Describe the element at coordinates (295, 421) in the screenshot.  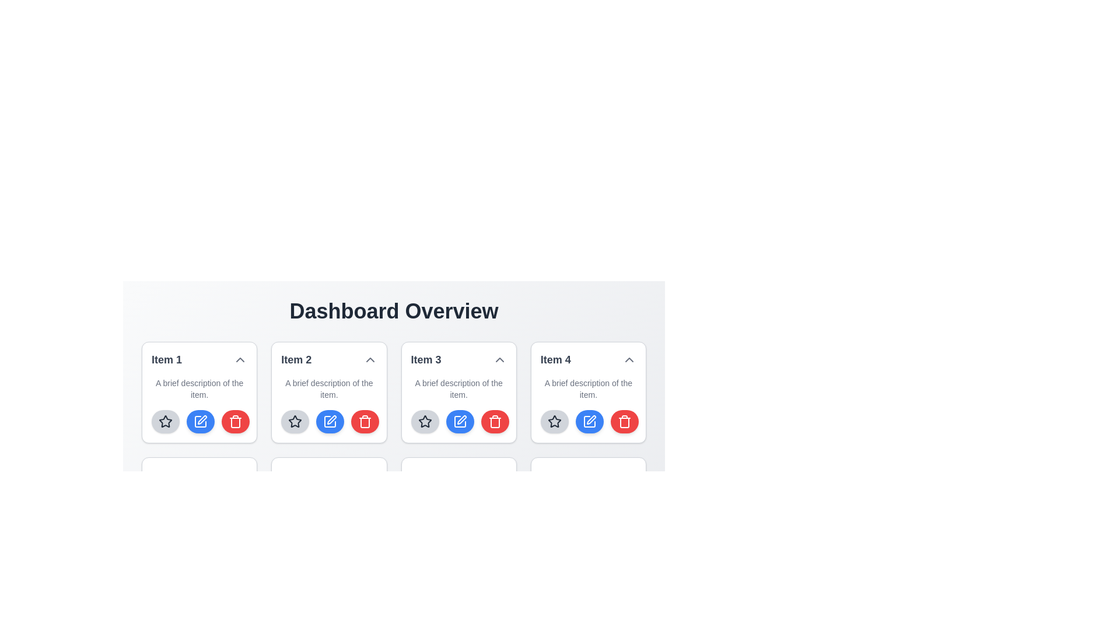
I see `the star-shaped icon button with a hollow center, styled in dark gray, to favorite the item` at that location.